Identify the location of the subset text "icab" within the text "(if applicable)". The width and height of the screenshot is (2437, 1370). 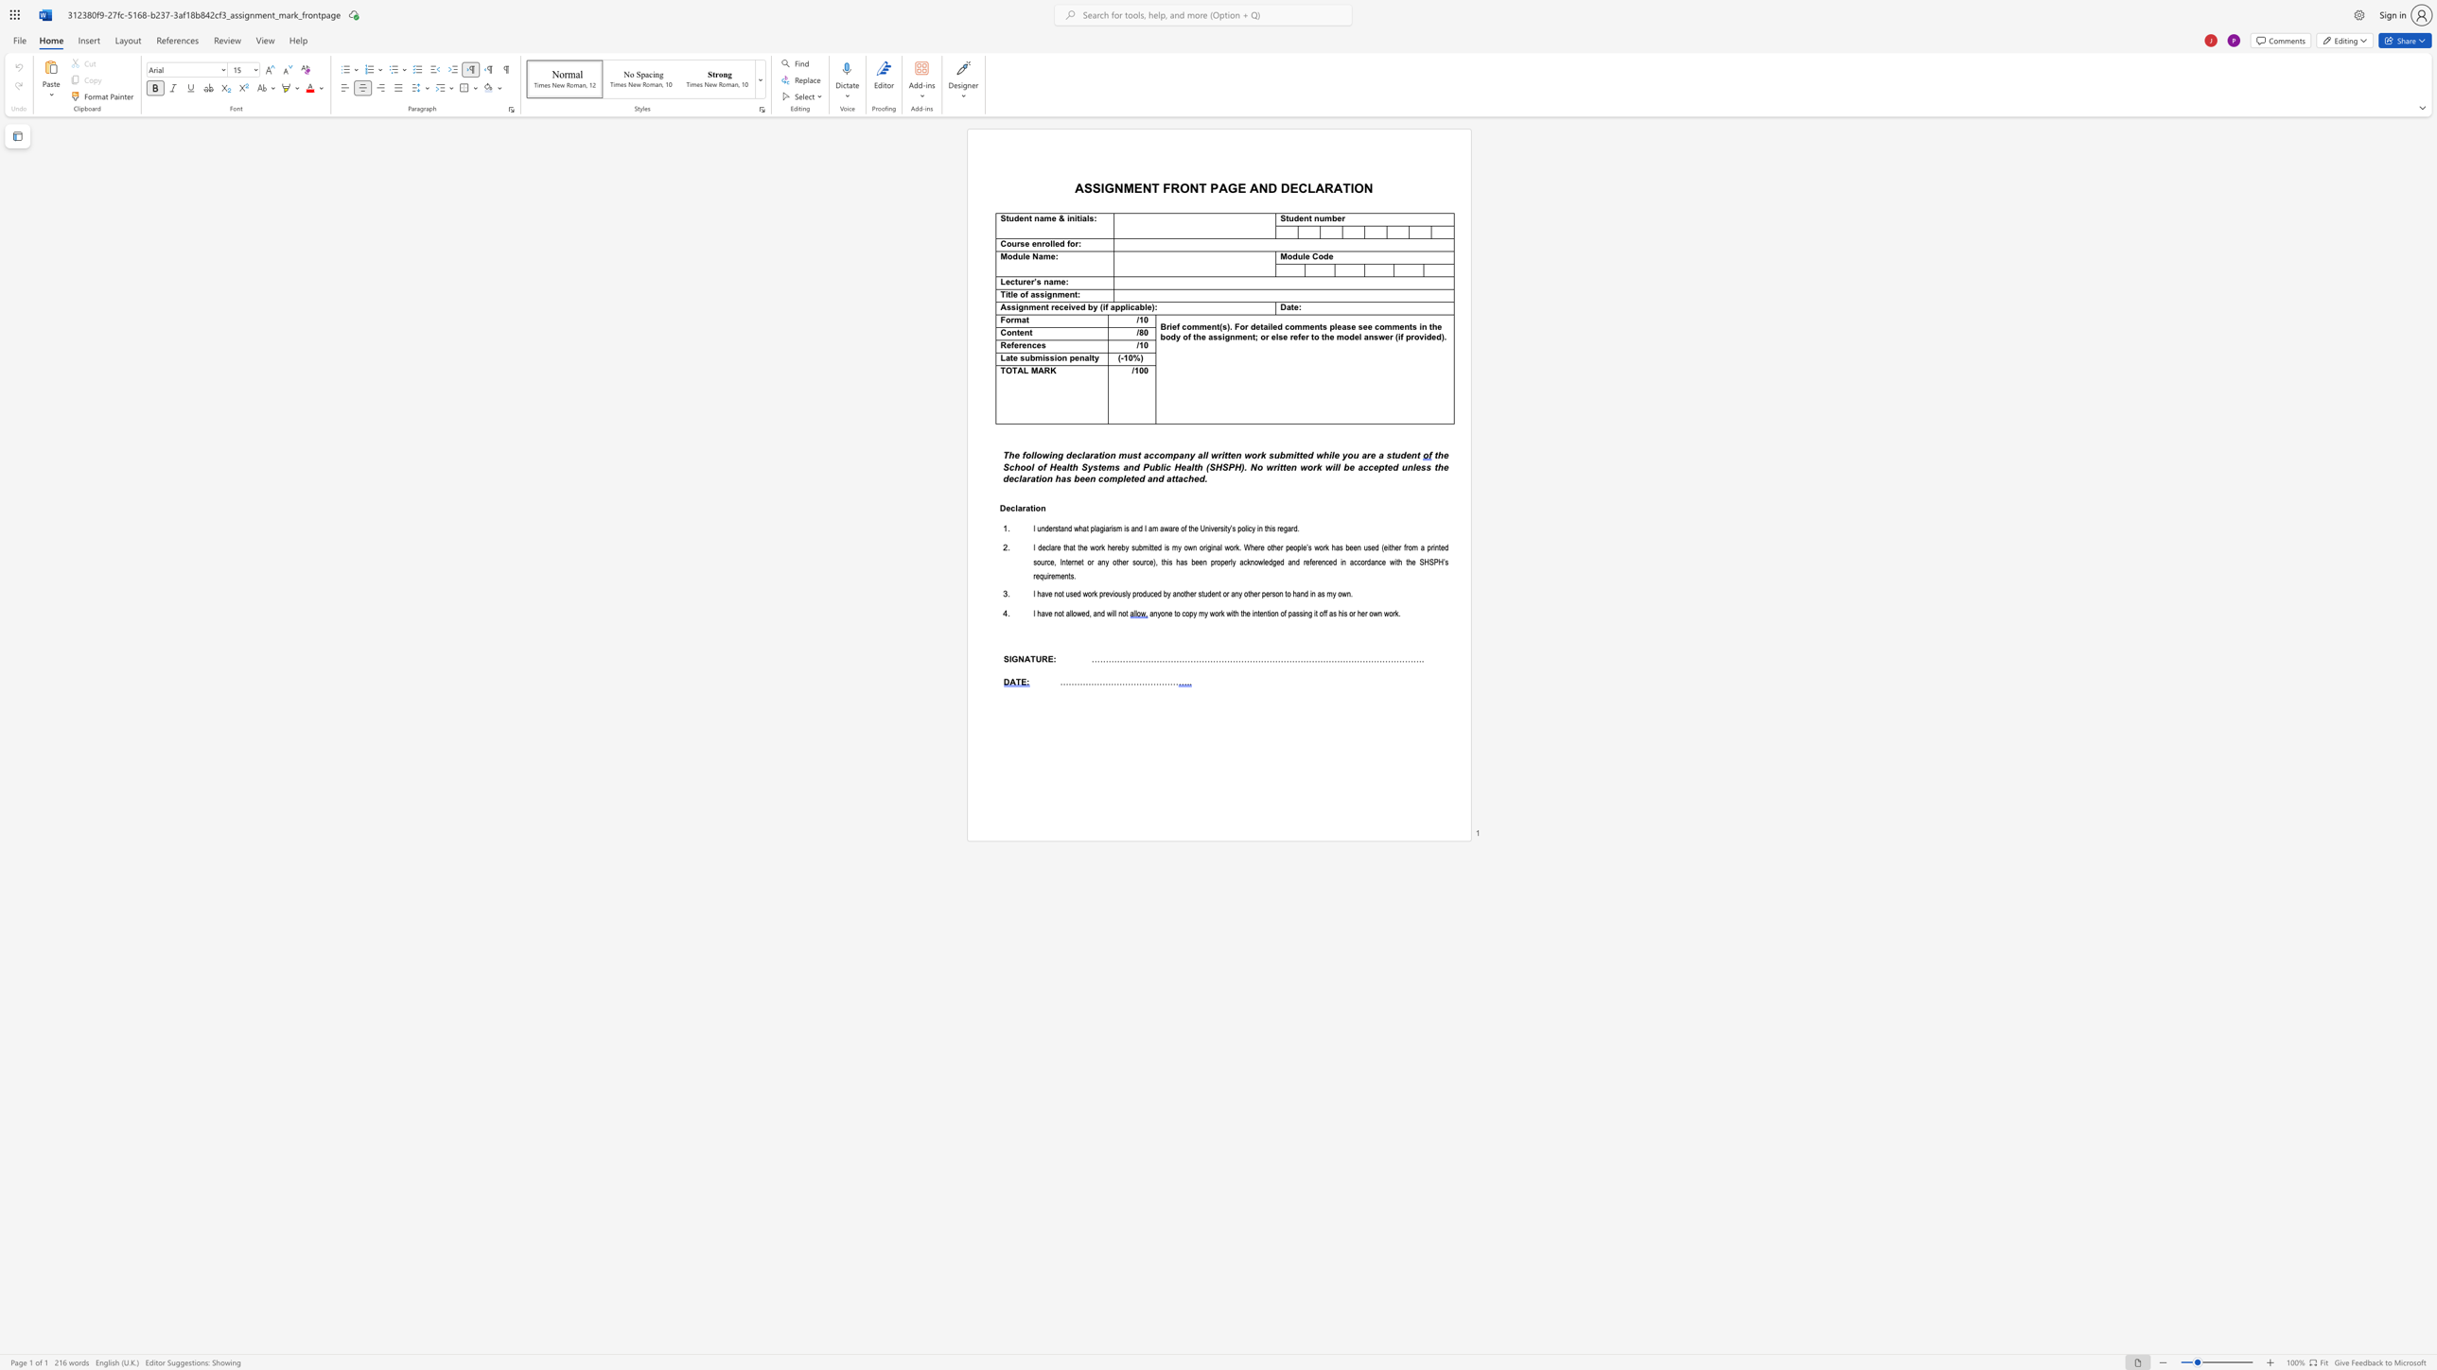
(1128, 306).